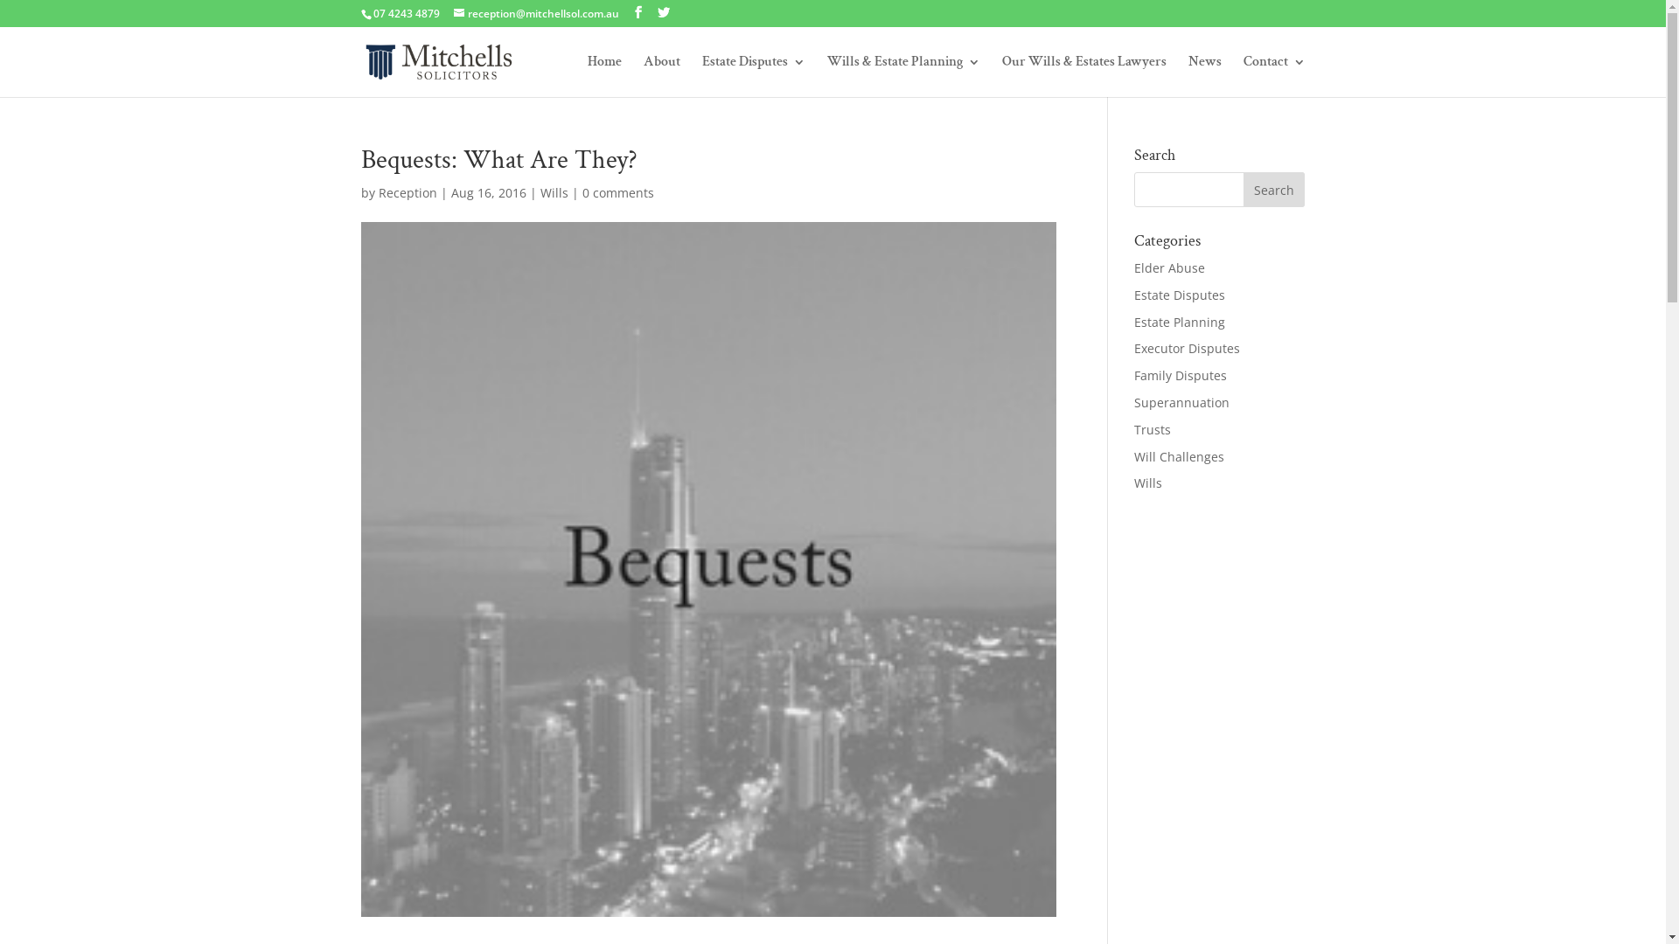  I want to click on 'Wills', so click(553, 192).